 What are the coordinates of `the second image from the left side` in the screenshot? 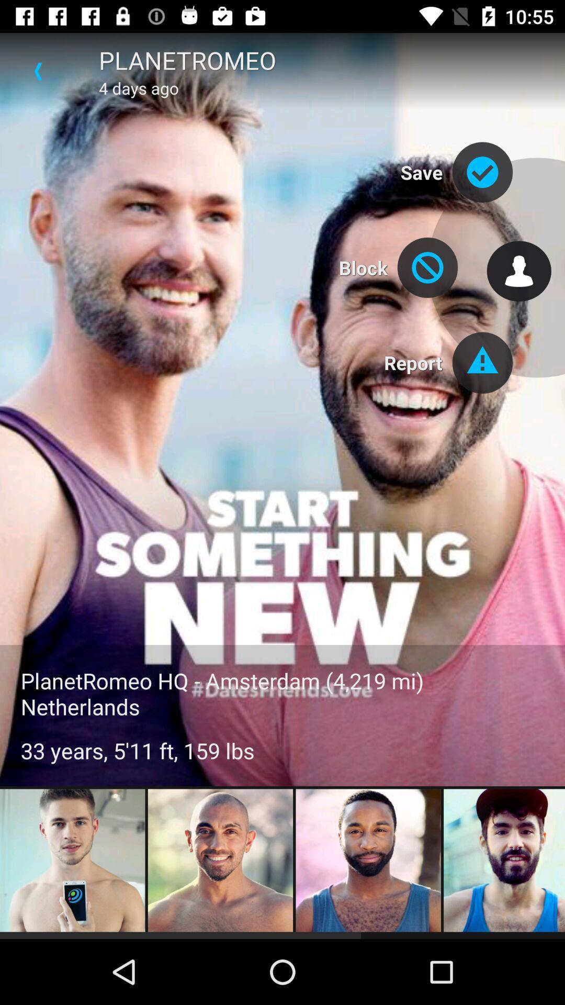 It's located at (220, 862).